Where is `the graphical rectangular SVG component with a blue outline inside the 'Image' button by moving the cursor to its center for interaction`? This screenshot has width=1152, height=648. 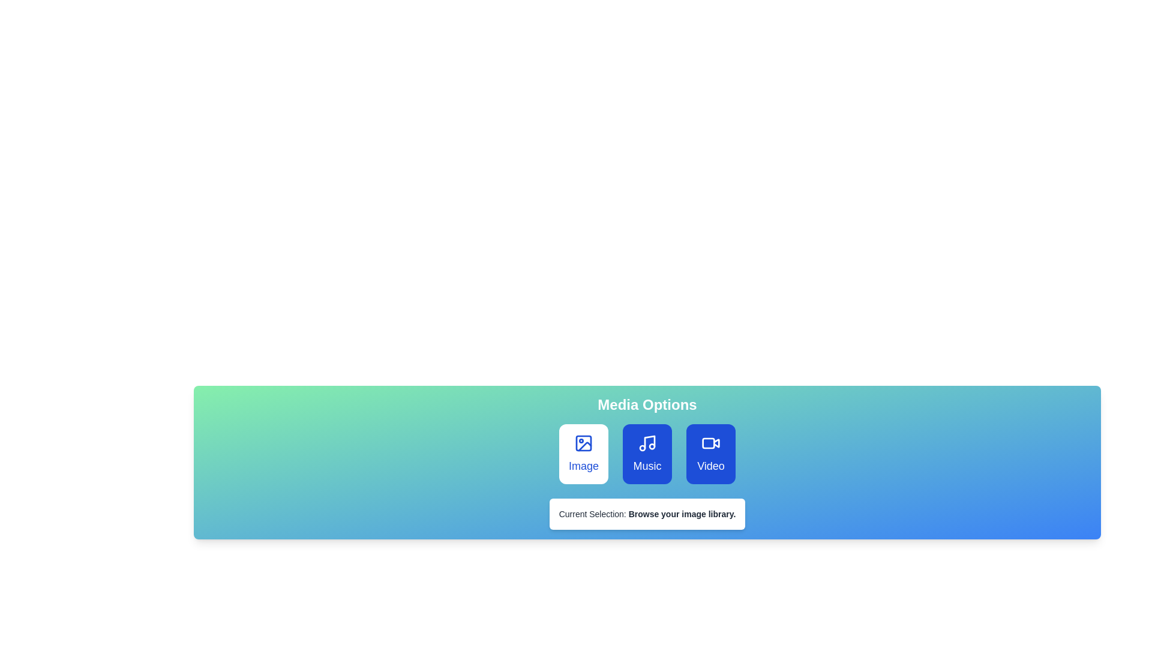 the graphical rectangular SVG component with a blue outline inside the 'Image' button by moving the cursor to its center for interaction is located at coordinates (584, 443).